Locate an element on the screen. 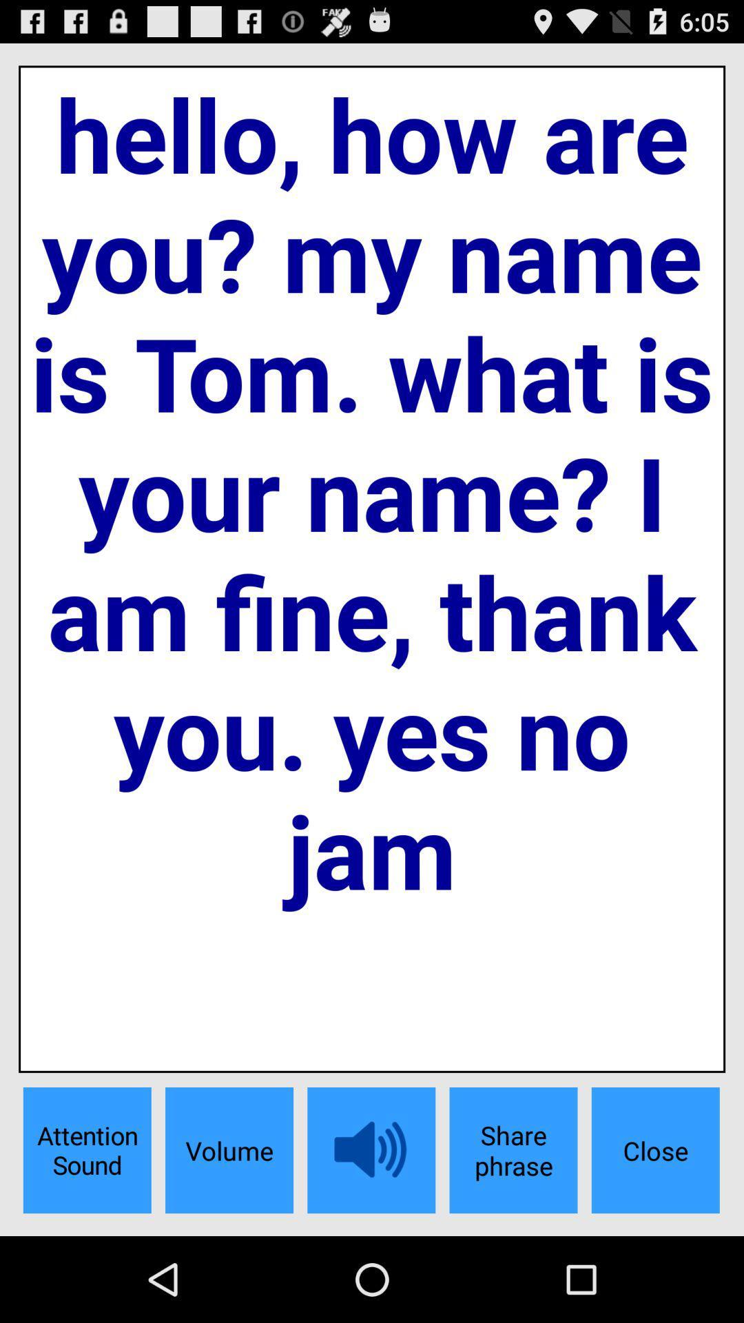 The image size is (744, 1323). the close is located at coordinates (654, 1150).